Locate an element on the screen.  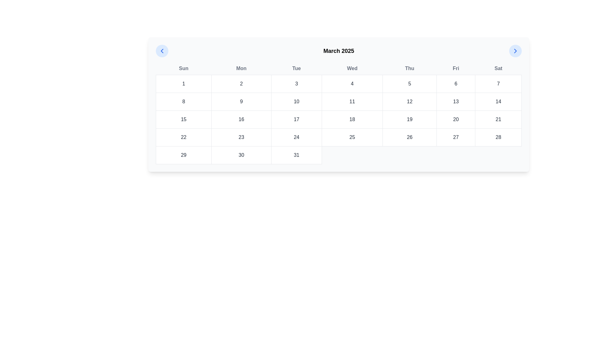
the header text displaying the current month and year in the calendar interface, located at the top of the interface is located at coordinates (338, 50).